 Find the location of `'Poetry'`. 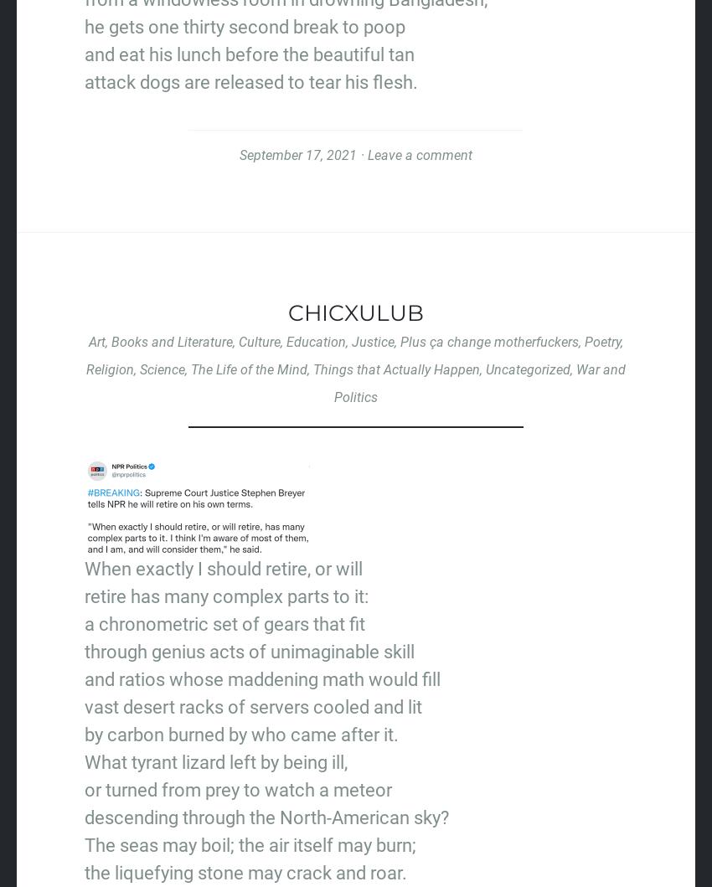

'Poetry' is located at coordinates (601, 340).